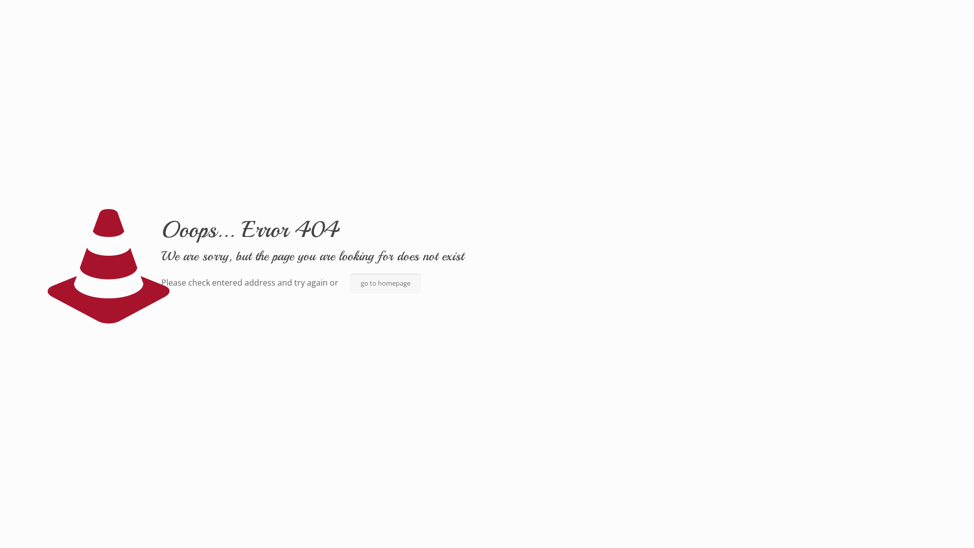 The height and width of the screenshot is (548, 974). Describe the element at coordinates (351, 283) in the screenshot. I see `'go to homepage'` at that location.